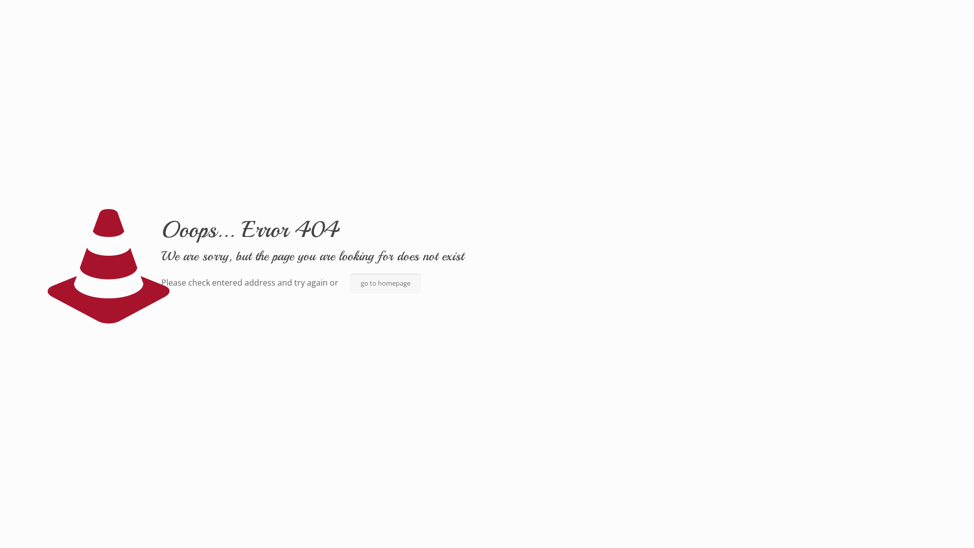 The height and width of the screenshot is (548, 974). Describe the element at coordinates (351, 283) in the screenshot. I see `'go to homepage'` at that location.